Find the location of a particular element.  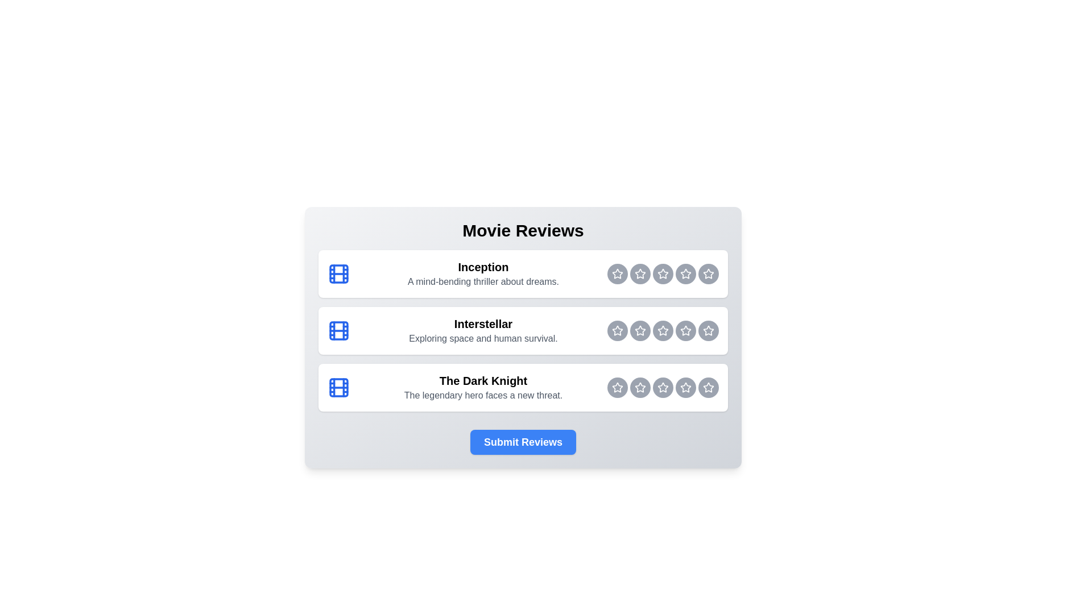

the rating for the movie 'The Dark Knight' to 2 stars is located at coordinates (617, 387).